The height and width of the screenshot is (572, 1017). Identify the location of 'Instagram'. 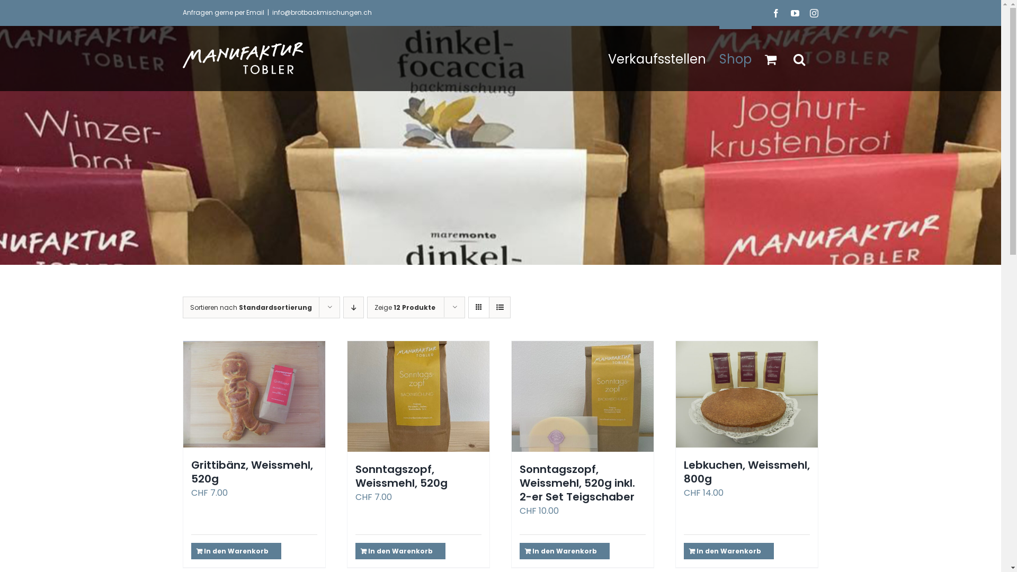
(813, 12).